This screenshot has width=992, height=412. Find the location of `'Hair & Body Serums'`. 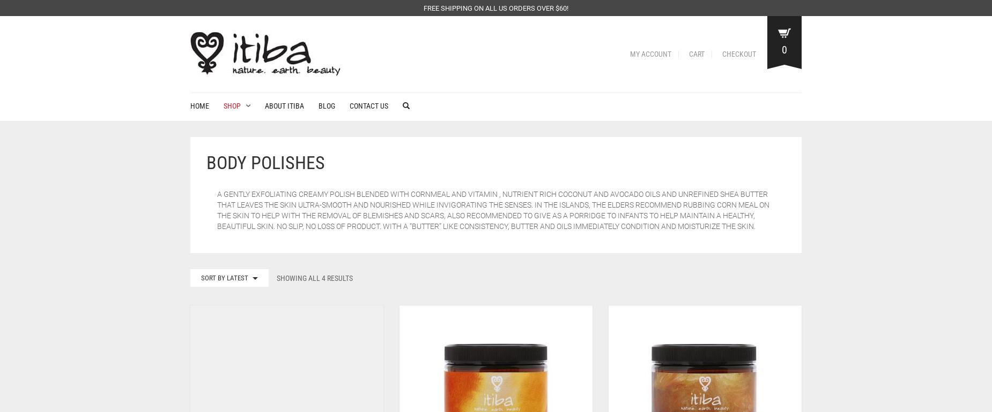

'Hair & Body Serums' is located at coordinates (262, 172).